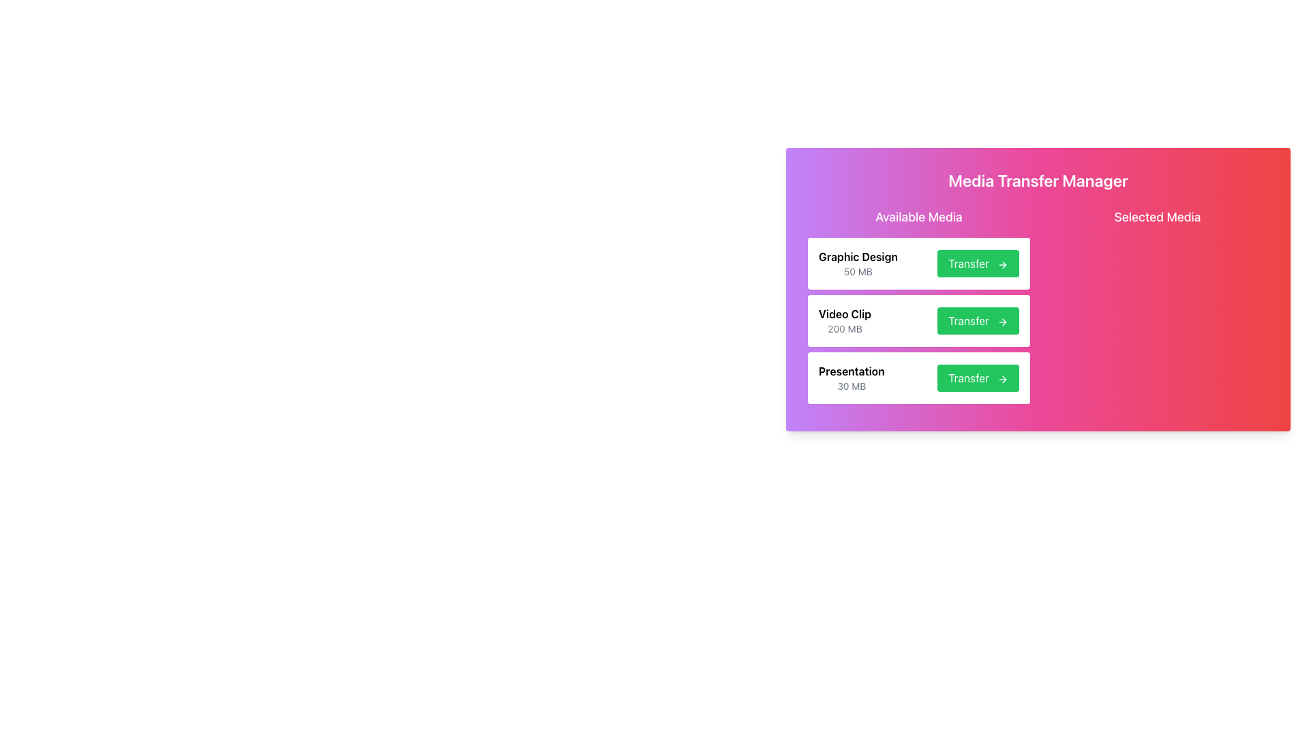  What do you see at coordinates (978, 320) in the screenshot?
I see `the second transfer button labeled 'Video Clip, 200 MB' to initiate the transfer process` at bounding box center [978, 320].